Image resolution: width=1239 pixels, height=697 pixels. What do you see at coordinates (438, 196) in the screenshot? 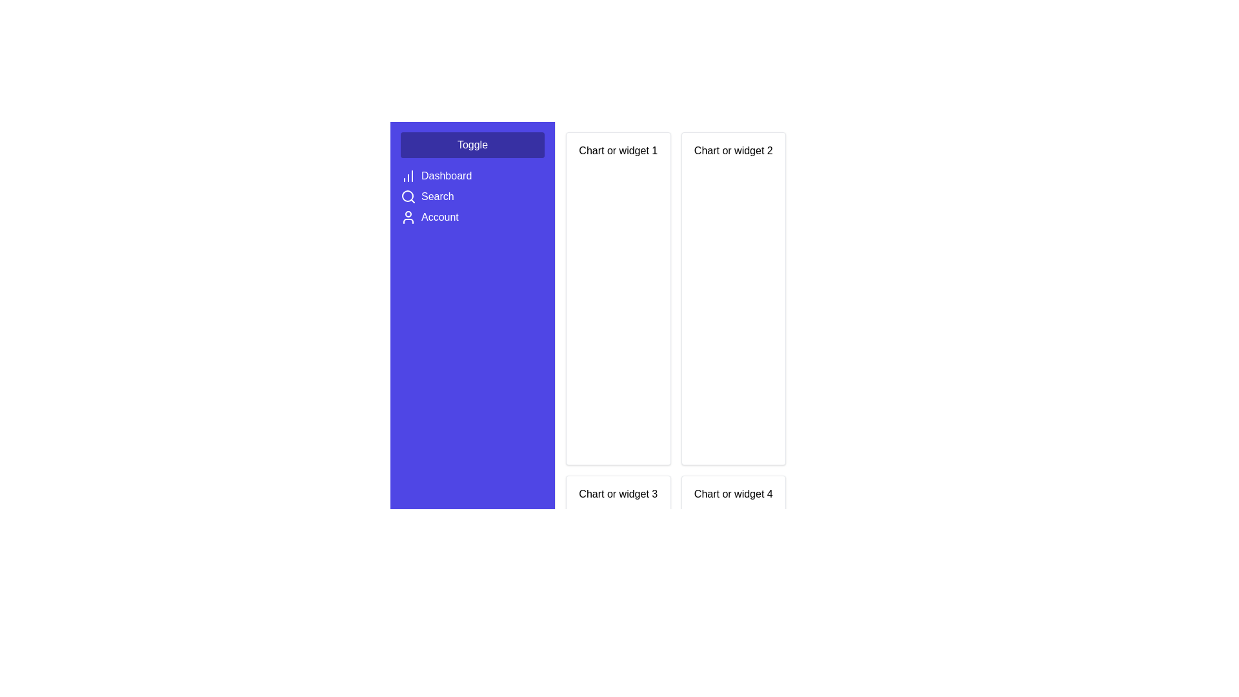
I see `the Text Label indicating the Search functionality in the vertical navigation menu, located between the 'Dashboard' and 'Account' options` at bounding box center [438, 196].